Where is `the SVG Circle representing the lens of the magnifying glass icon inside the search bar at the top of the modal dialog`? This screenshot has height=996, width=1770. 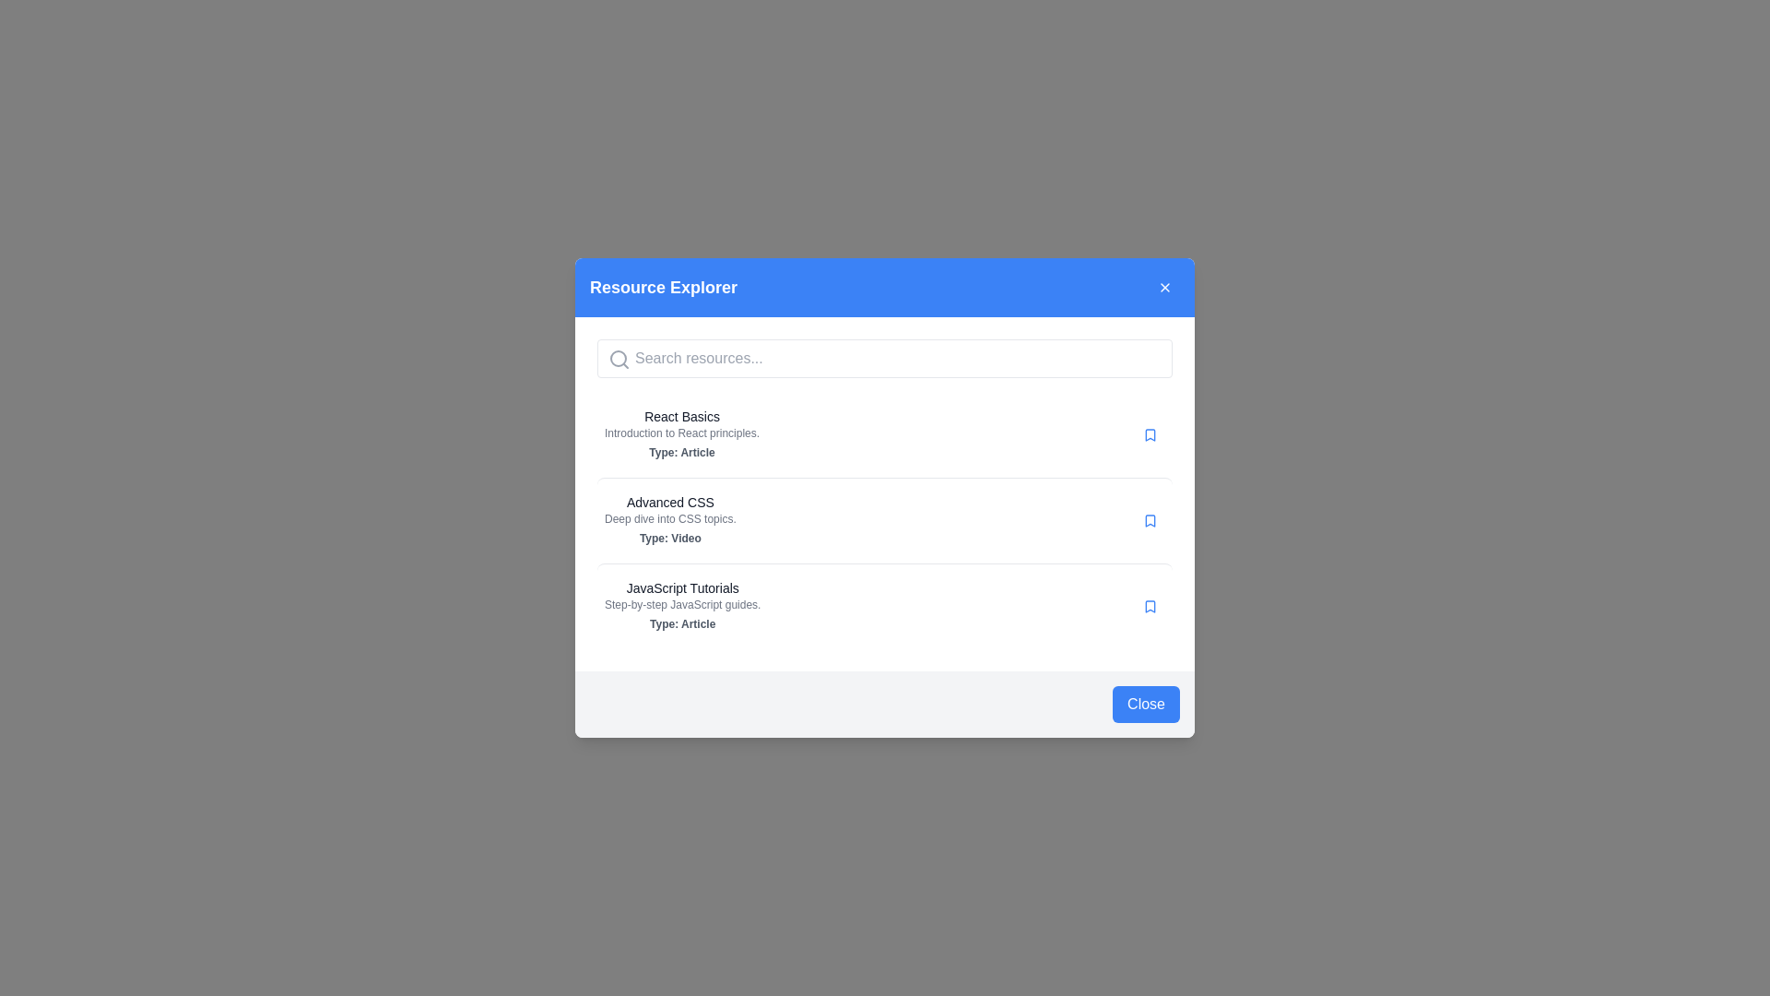 the SVG Circle representing the lens of the magnifying glass icon inside the search bar at the top of the modal dialog is located at coordinates (619, 359).